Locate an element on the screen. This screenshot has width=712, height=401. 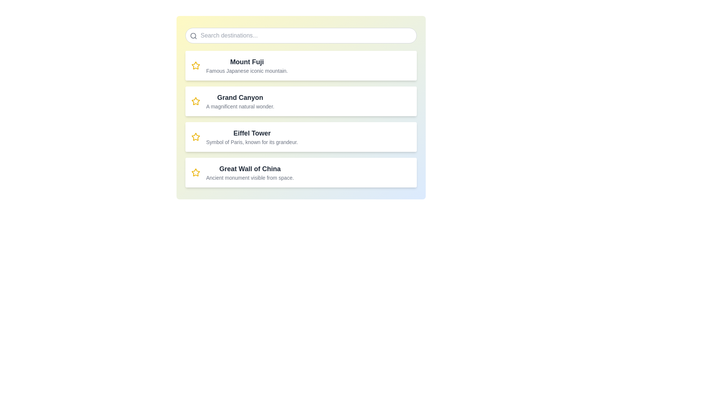
the star icon with a yellow outline is located at coordinates (196, 137).